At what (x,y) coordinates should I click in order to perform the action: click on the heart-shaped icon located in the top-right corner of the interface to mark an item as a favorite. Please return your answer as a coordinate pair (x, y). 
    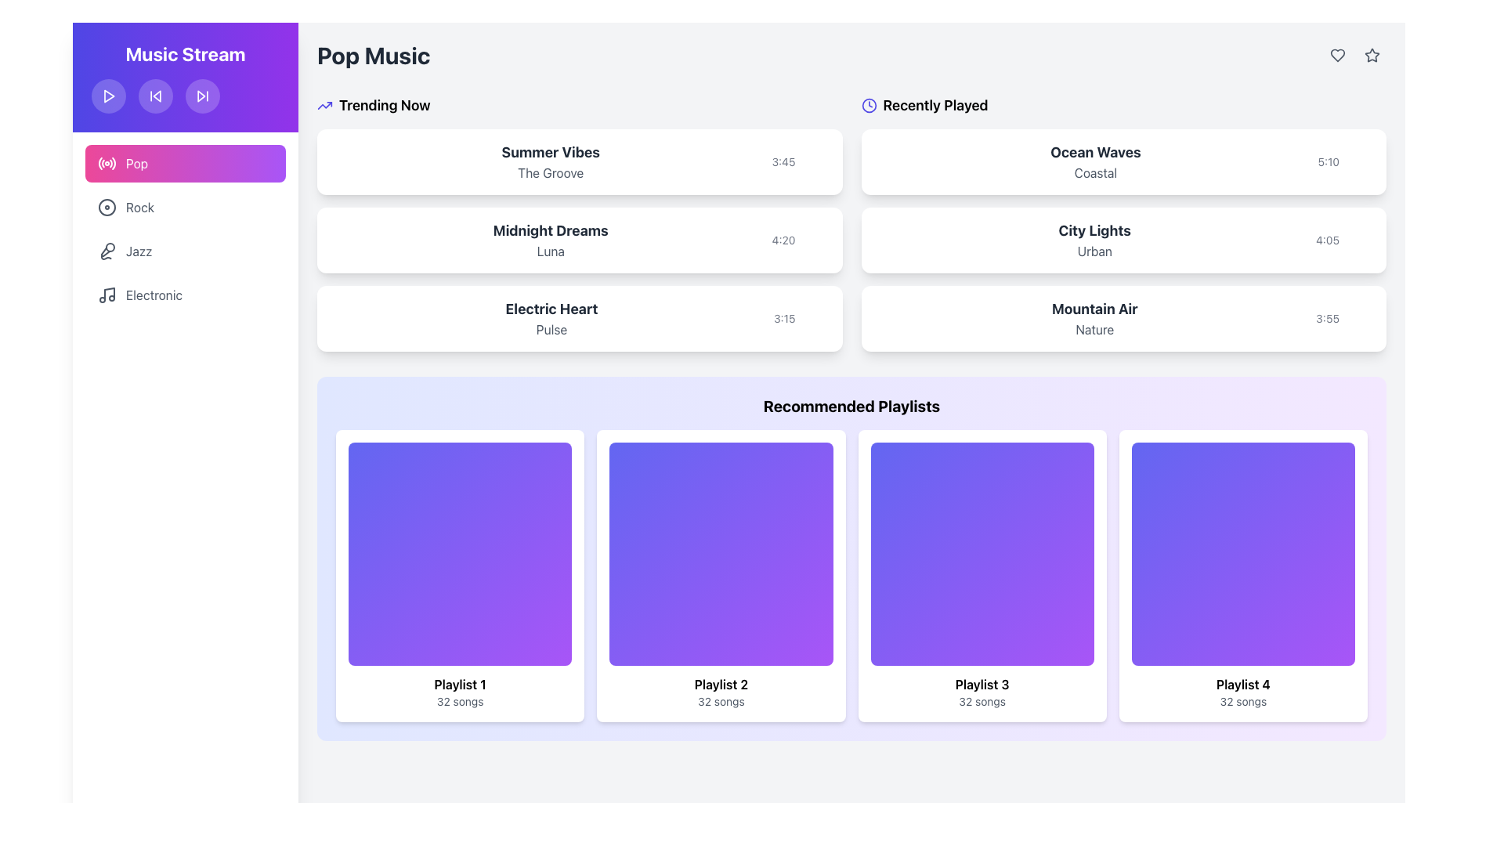
    Looking at the image, I should click on (1337, 54).